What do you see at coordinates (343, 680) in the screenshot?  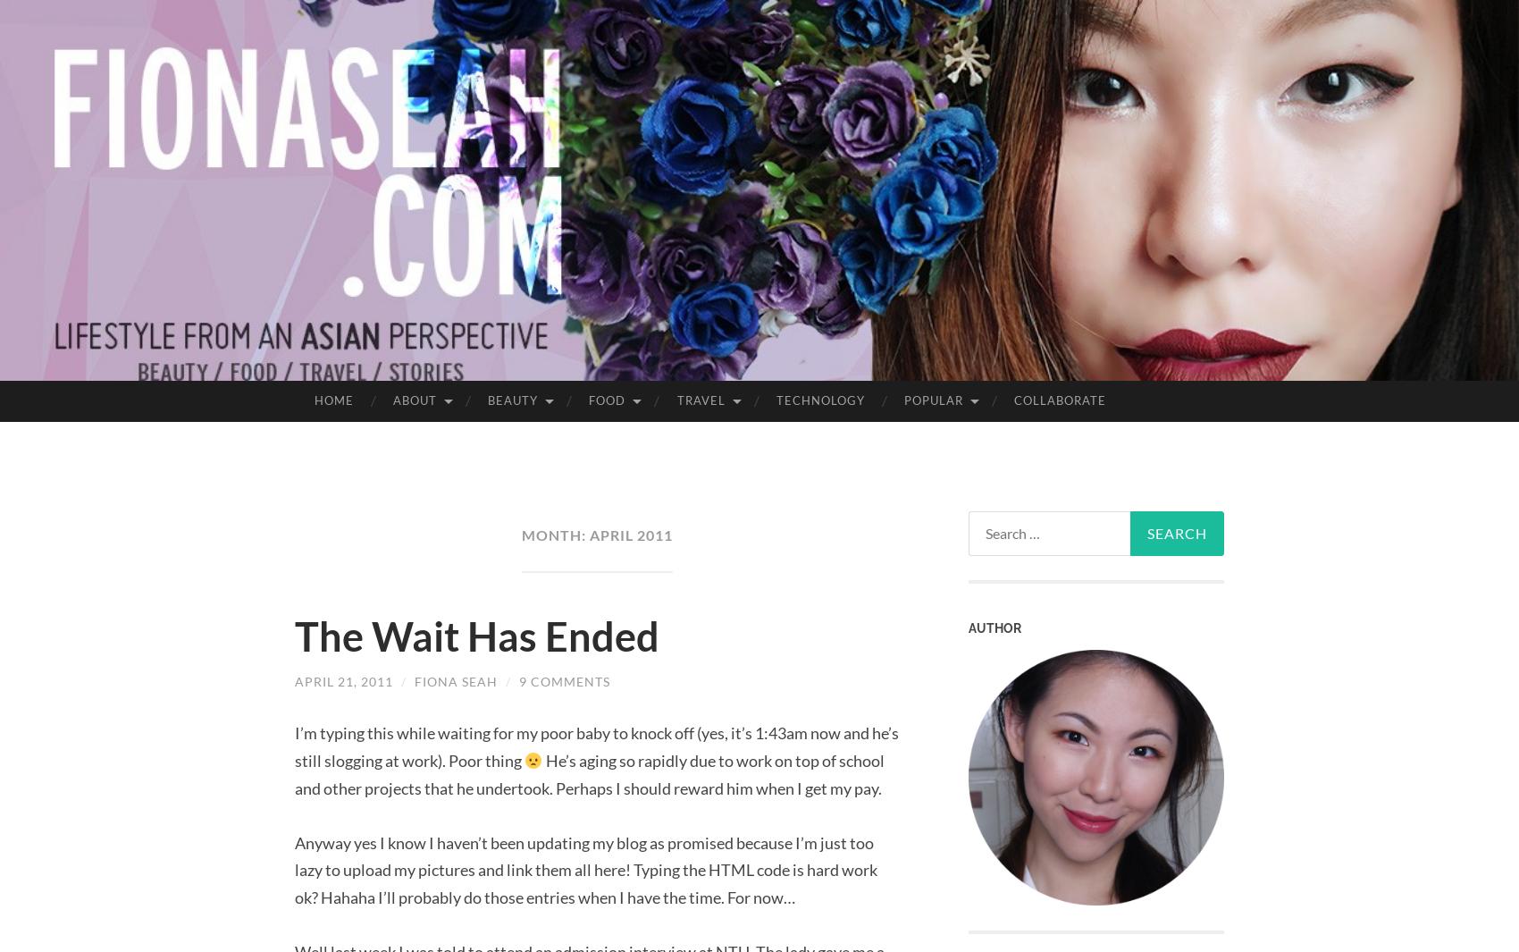 I see `'April 21, 2011'` at bounding box center [343, 680].